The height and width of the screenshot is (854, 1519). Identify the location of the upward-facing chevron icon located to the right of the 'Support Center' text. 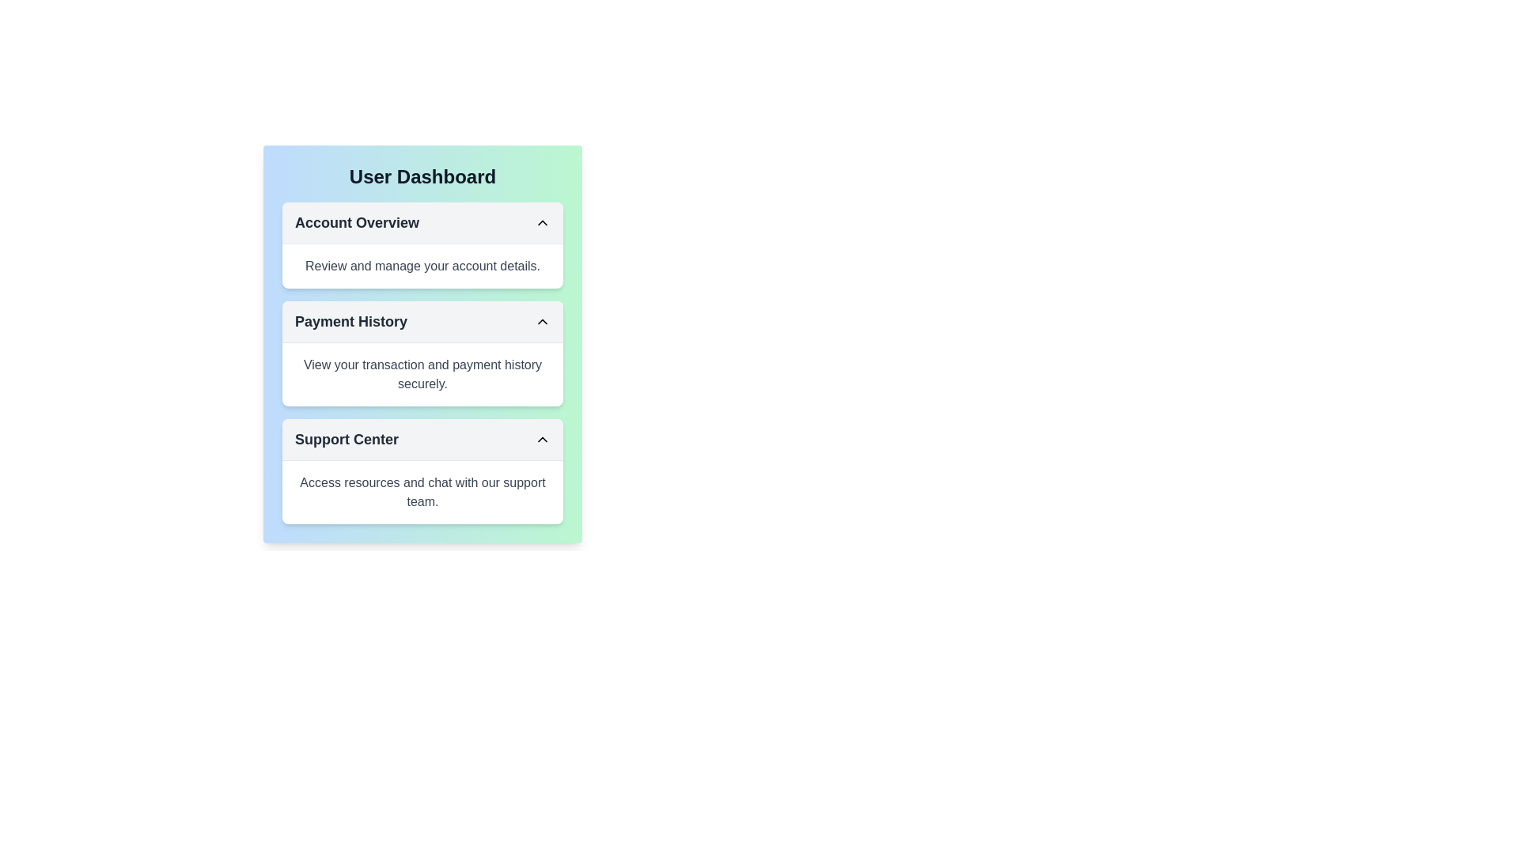
(543, 439).